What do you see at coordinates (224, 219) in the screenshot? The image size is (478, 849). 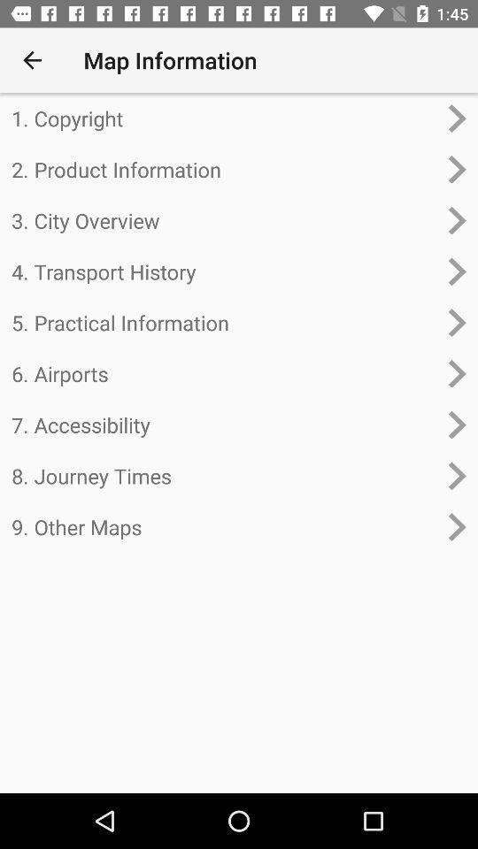 I see `3. city overview` at bounding box center [224, 219].